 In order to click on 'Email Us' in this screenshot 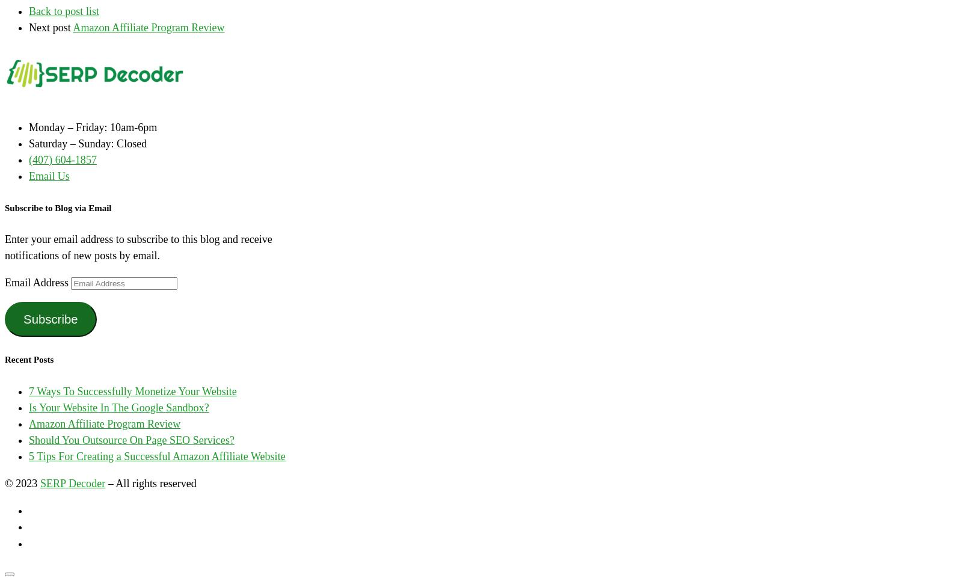, I will do `click(48, 175)`.